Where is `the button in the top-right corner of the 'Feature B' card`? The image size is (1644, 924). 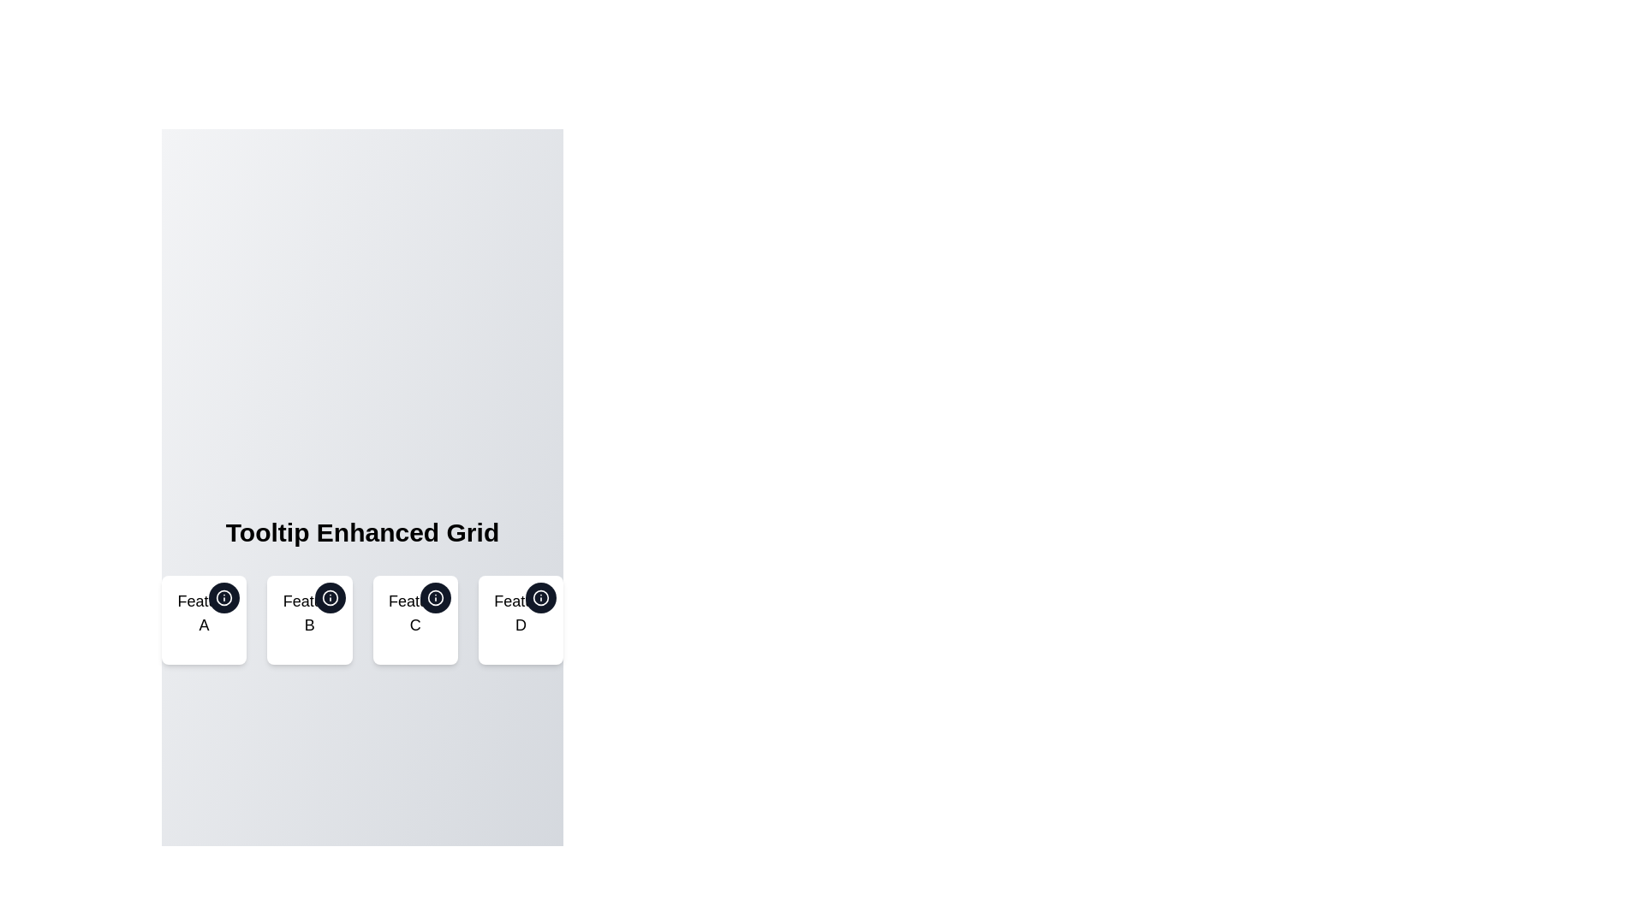
the button in the top-right corner of the 'Feature B' card is located at coordinates (330, 596).